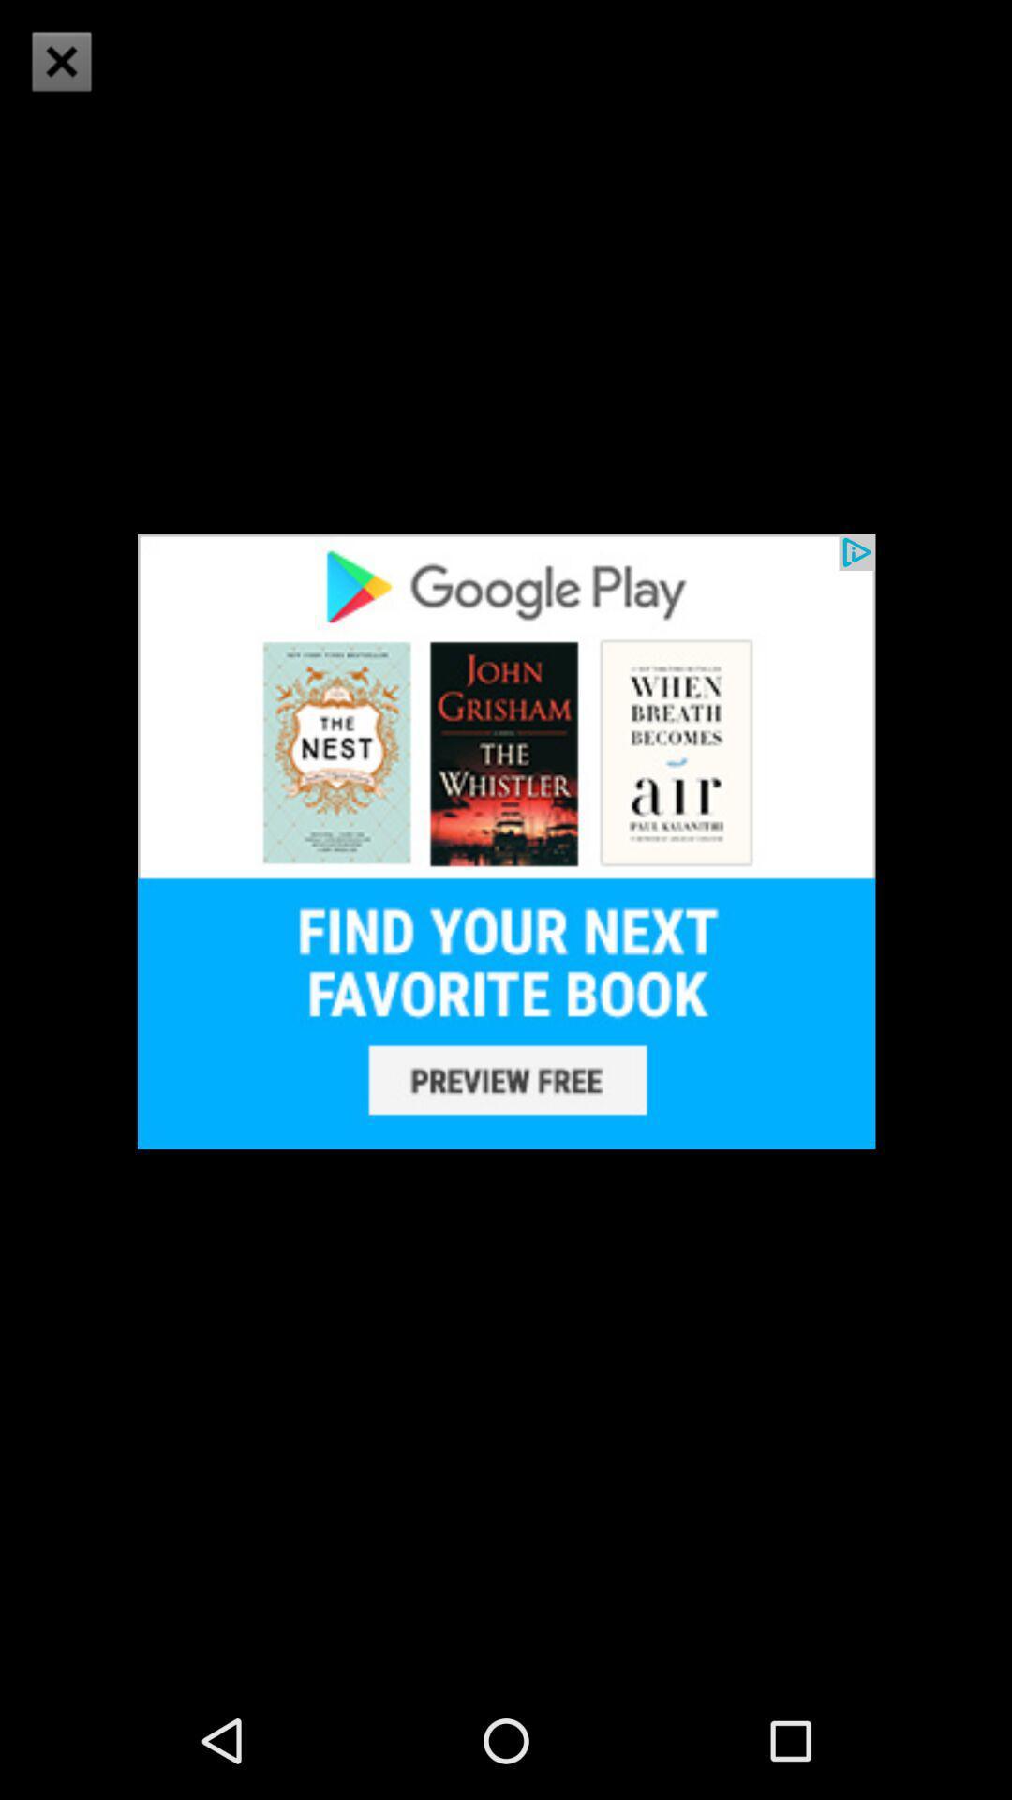  Describe the element at coordinates (60, 66) in the screenshot. I see `the close icon` at that location.